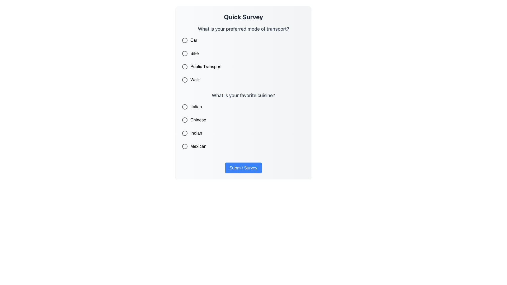 This screenshot has width=507, height=285. What do you see at coordinates (198, 146) in the screenshot?
I see `the text label displaying 'Mexican', which is positioned under the question 'What is your favorite cuisine?' and is the last option in the list` at bounding box center [198, 146].